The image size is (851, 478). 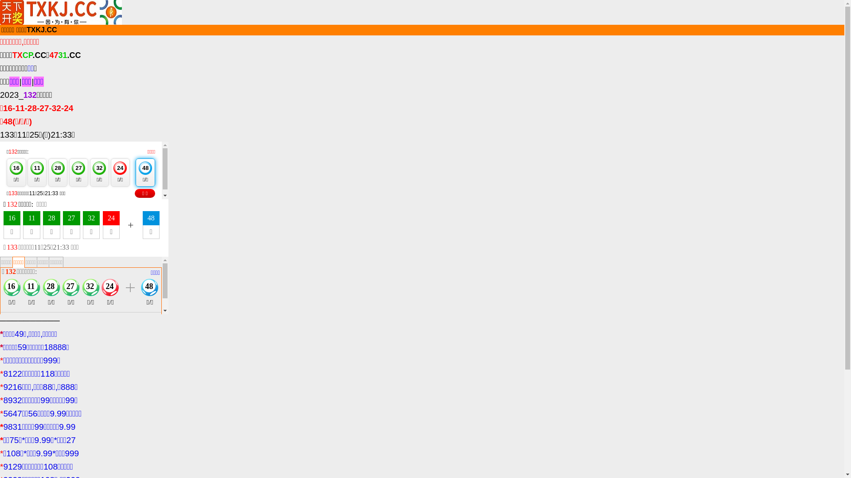 What do you see at coordinates (29, 55) in the screenshot?
I see `'TXCP.CC'` at bounding box center [29, 55].